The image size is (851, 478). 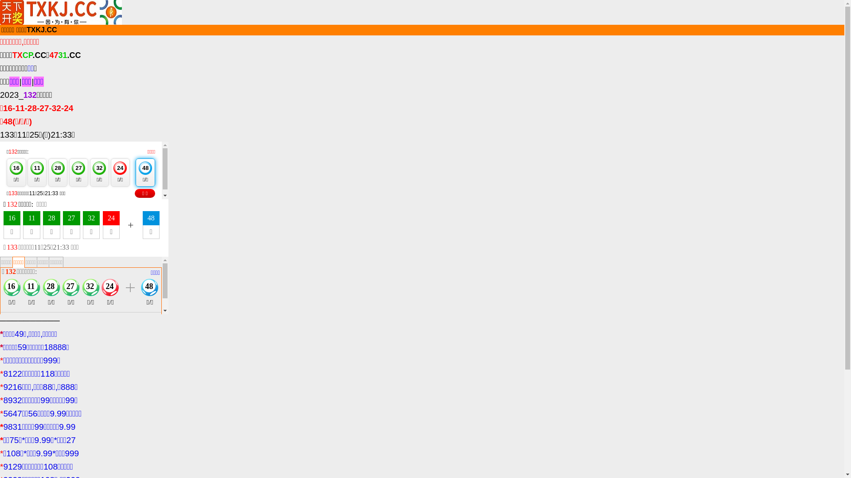 What do you see at coordinates (29, 55) in the screenshot?
I see `'TXCP.CC'` at bounding box center [29, 55].